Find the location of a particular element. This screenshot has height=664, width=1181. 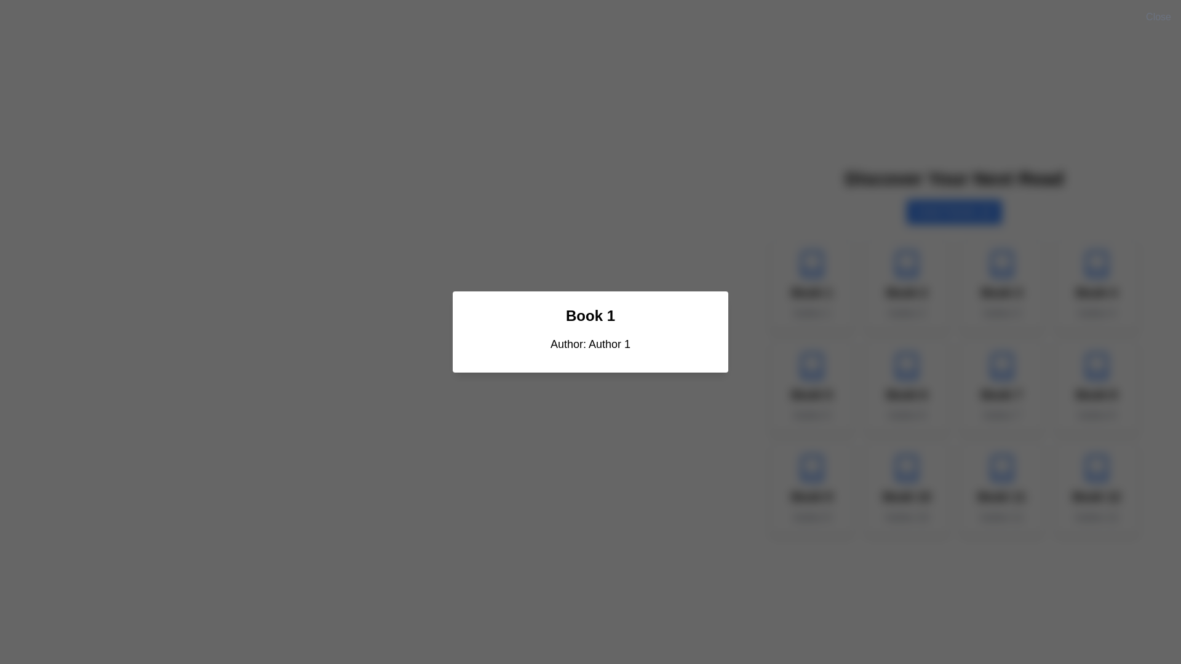

the book display card located in the last row of the grid layout, specifically in the second column from the left is located at coordinates (907, 488).